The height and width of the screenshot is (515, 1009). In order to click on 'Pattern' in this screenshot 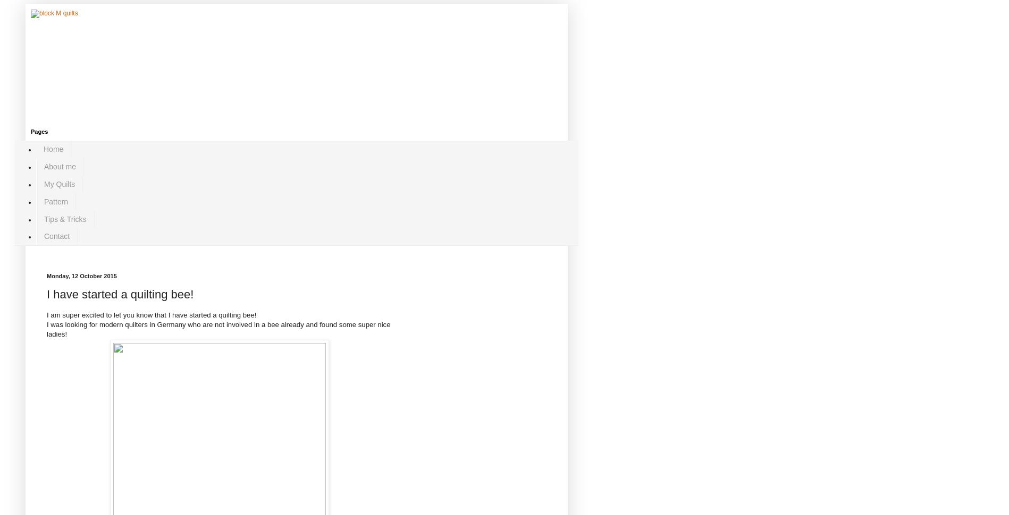, I will do `click(56, 200)`.